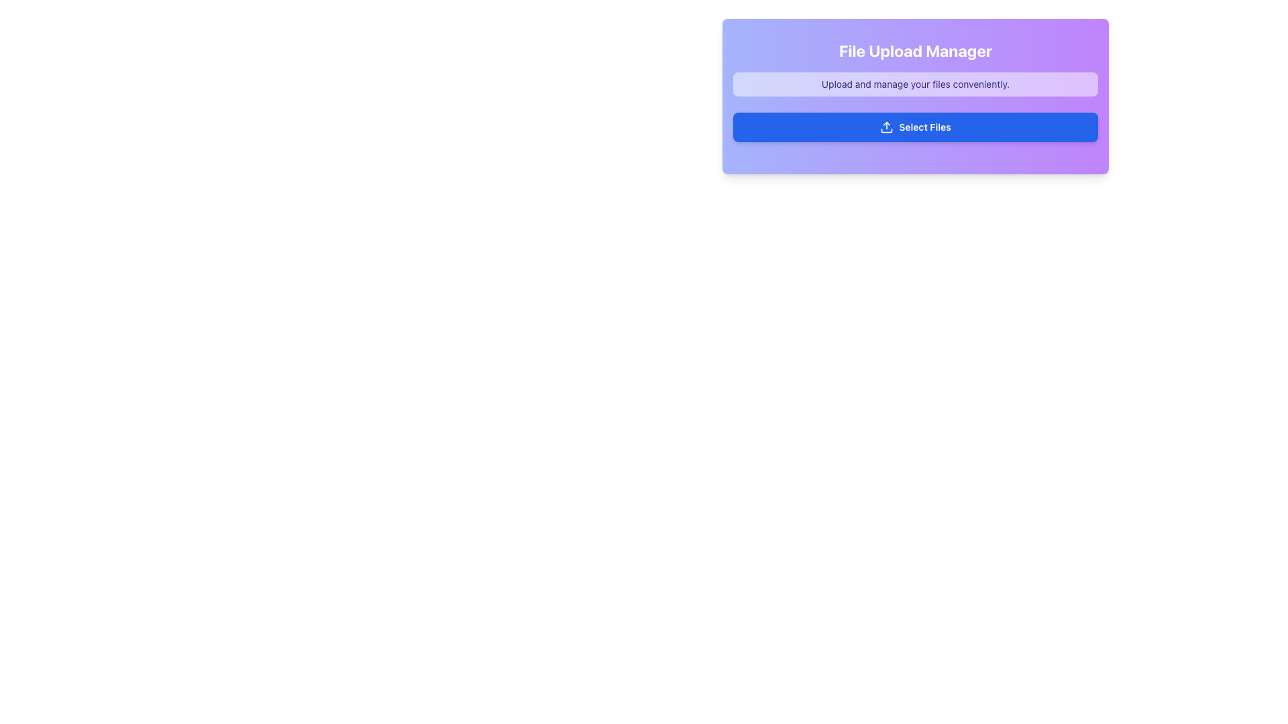  What do you see at coordinates (914, 84) in the screenshot?
I see `the informational text block that provides guidance about file upload management functionalities, positioned below the 'File Upload Manager' heading and above the 'Select Files' button` at bounding box center [914, 84].